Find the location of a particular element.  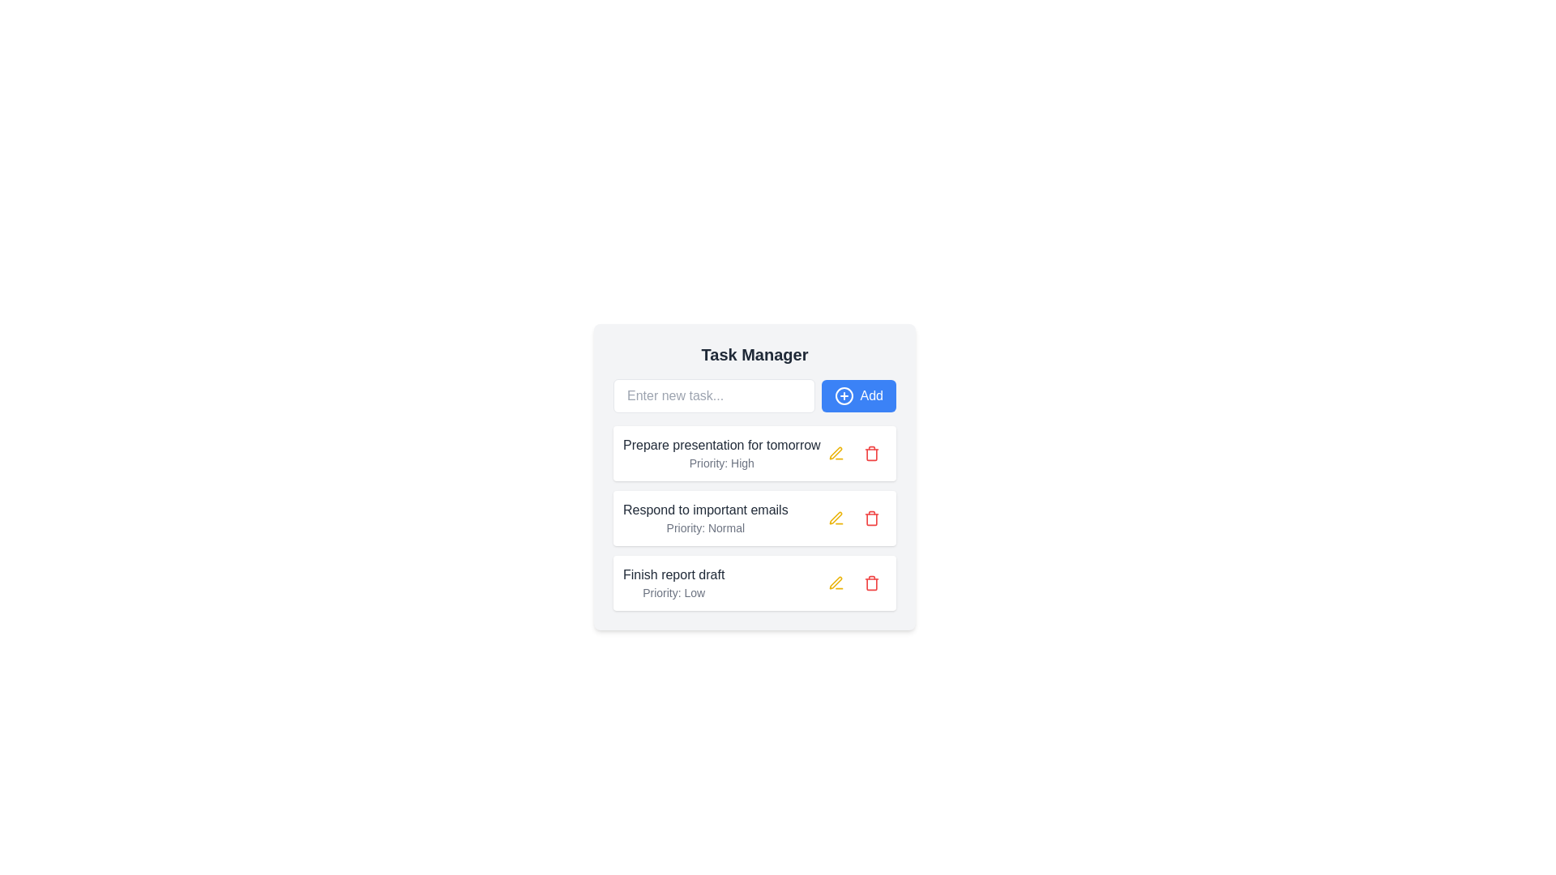

the edit button in the Action button group located at the lower right corner of the task card for 'Finish report draft' is located at coordinates (853, 583).